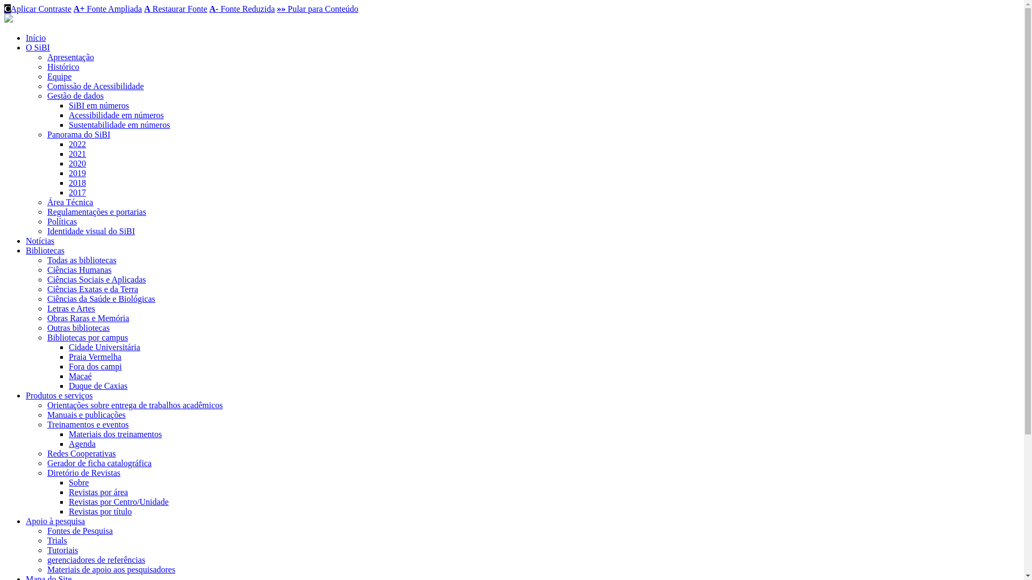  Describe the element at coordinates (91, 230) in the screenshot. I see `'Identidade visual do SiBI'` at that location.